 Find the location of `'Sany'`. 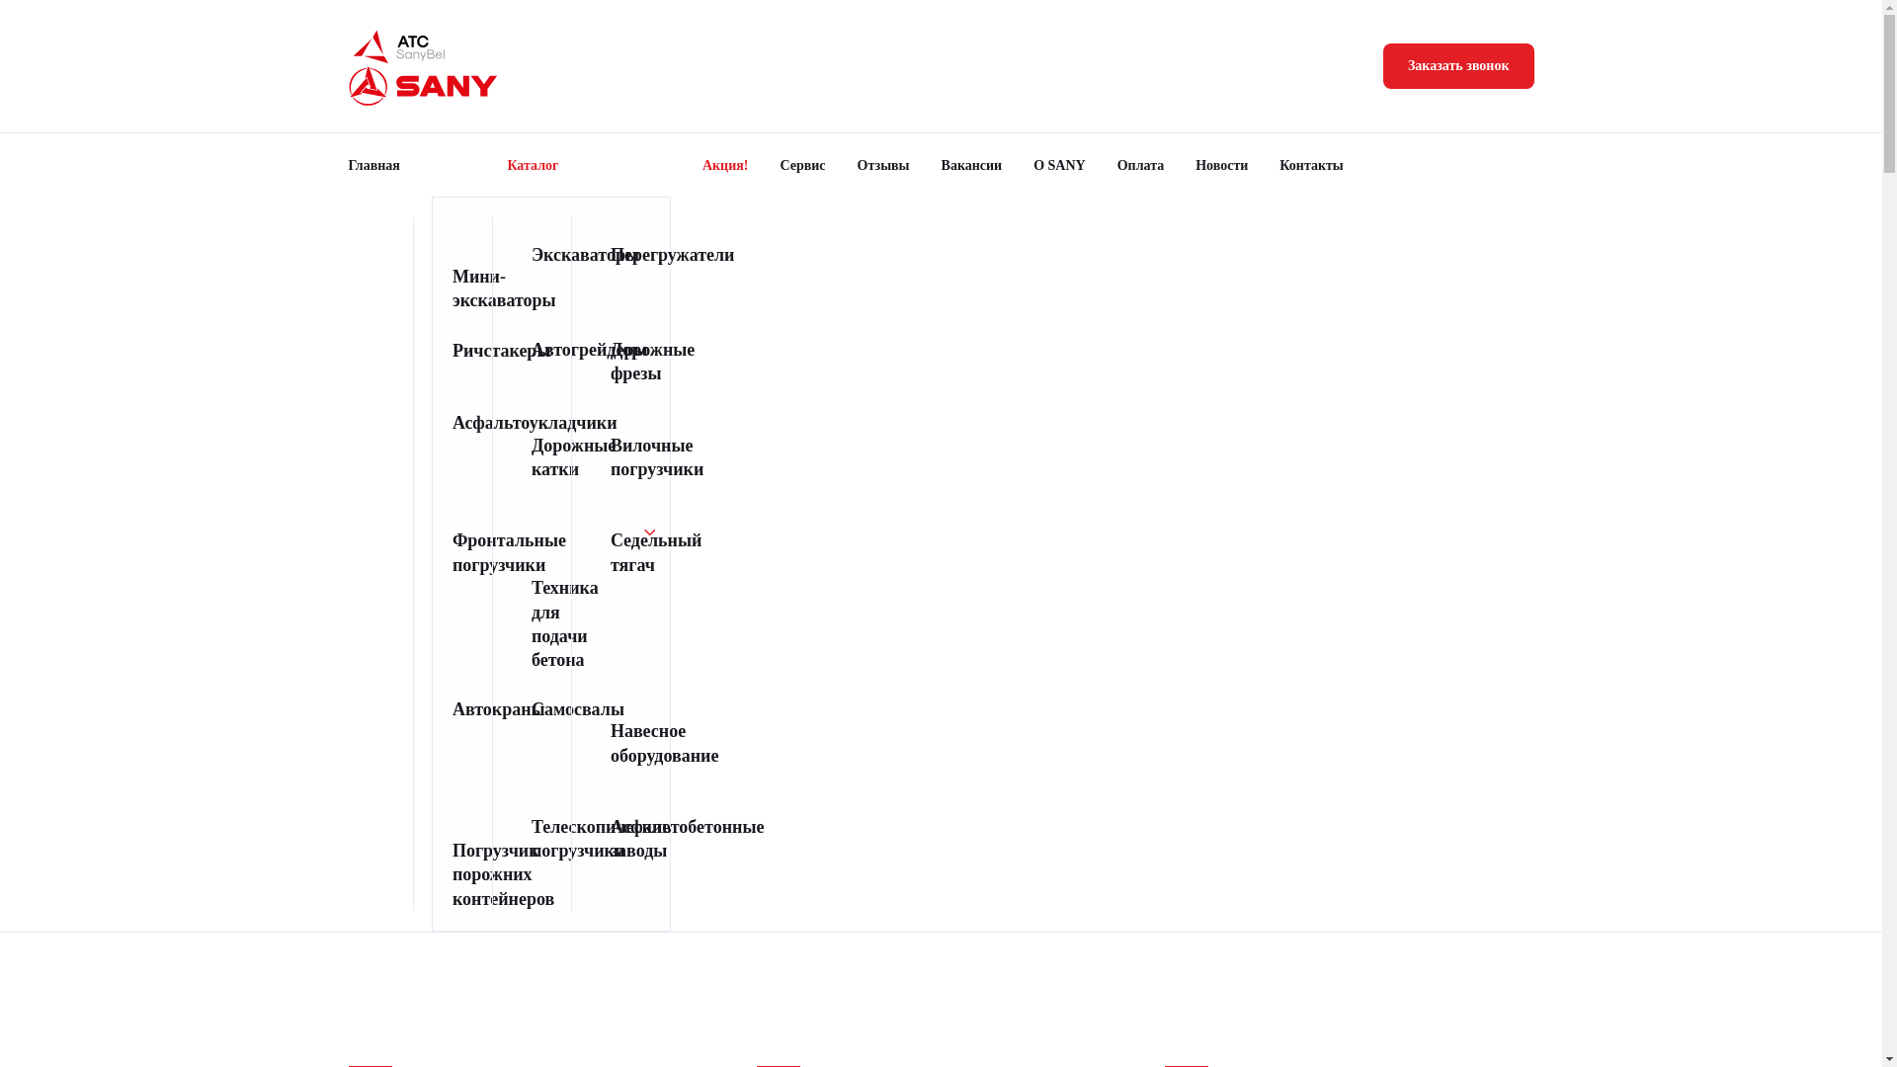

'Sany' is located at coordinates (347, 85).